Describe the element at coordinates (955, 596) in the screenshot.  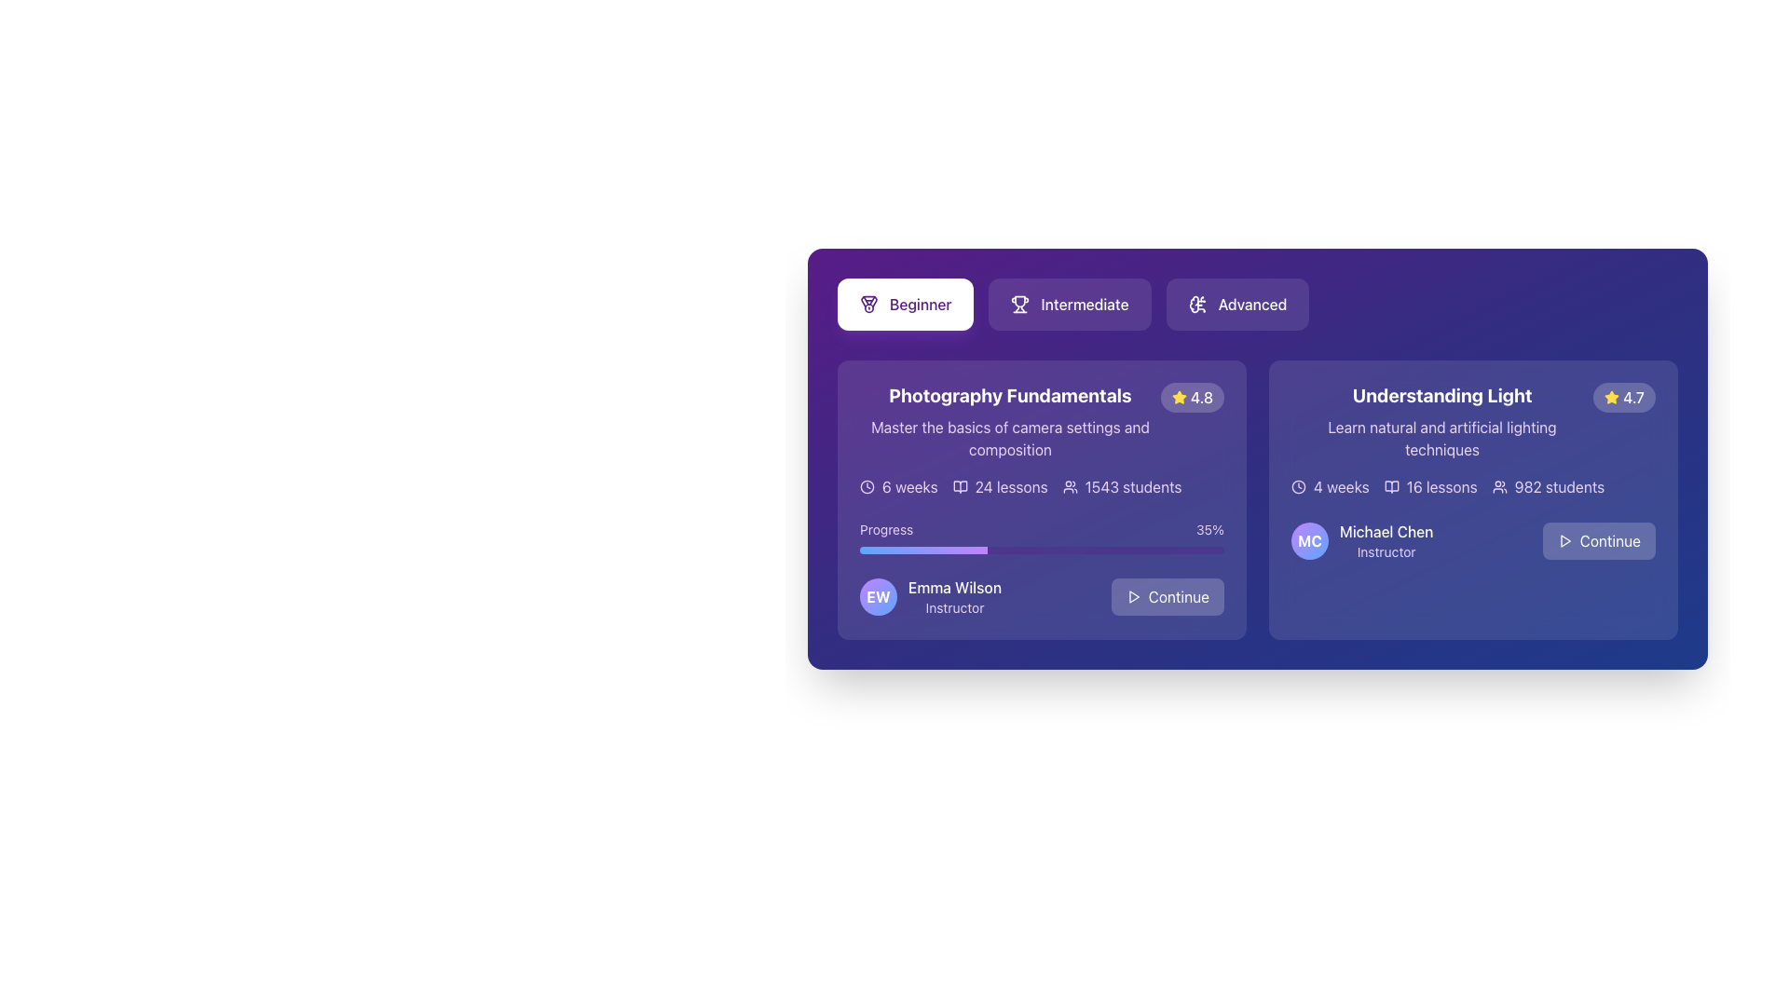
I see `details displayed in the text block showing the instructor's name 'Emma Wilson' and title 'Instructor', located below the circular avatar with initials 'EW' and to the left of the 'Continue' button` at that location.